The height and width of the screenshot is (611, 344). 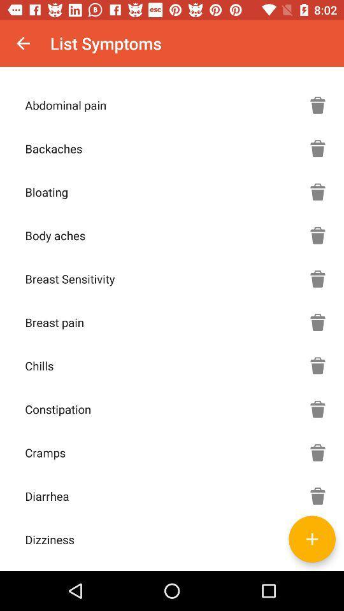 What do you see at coordinates (317, 409) in the screenshot?
I see `delete the option` at bounding box center [317, 409].